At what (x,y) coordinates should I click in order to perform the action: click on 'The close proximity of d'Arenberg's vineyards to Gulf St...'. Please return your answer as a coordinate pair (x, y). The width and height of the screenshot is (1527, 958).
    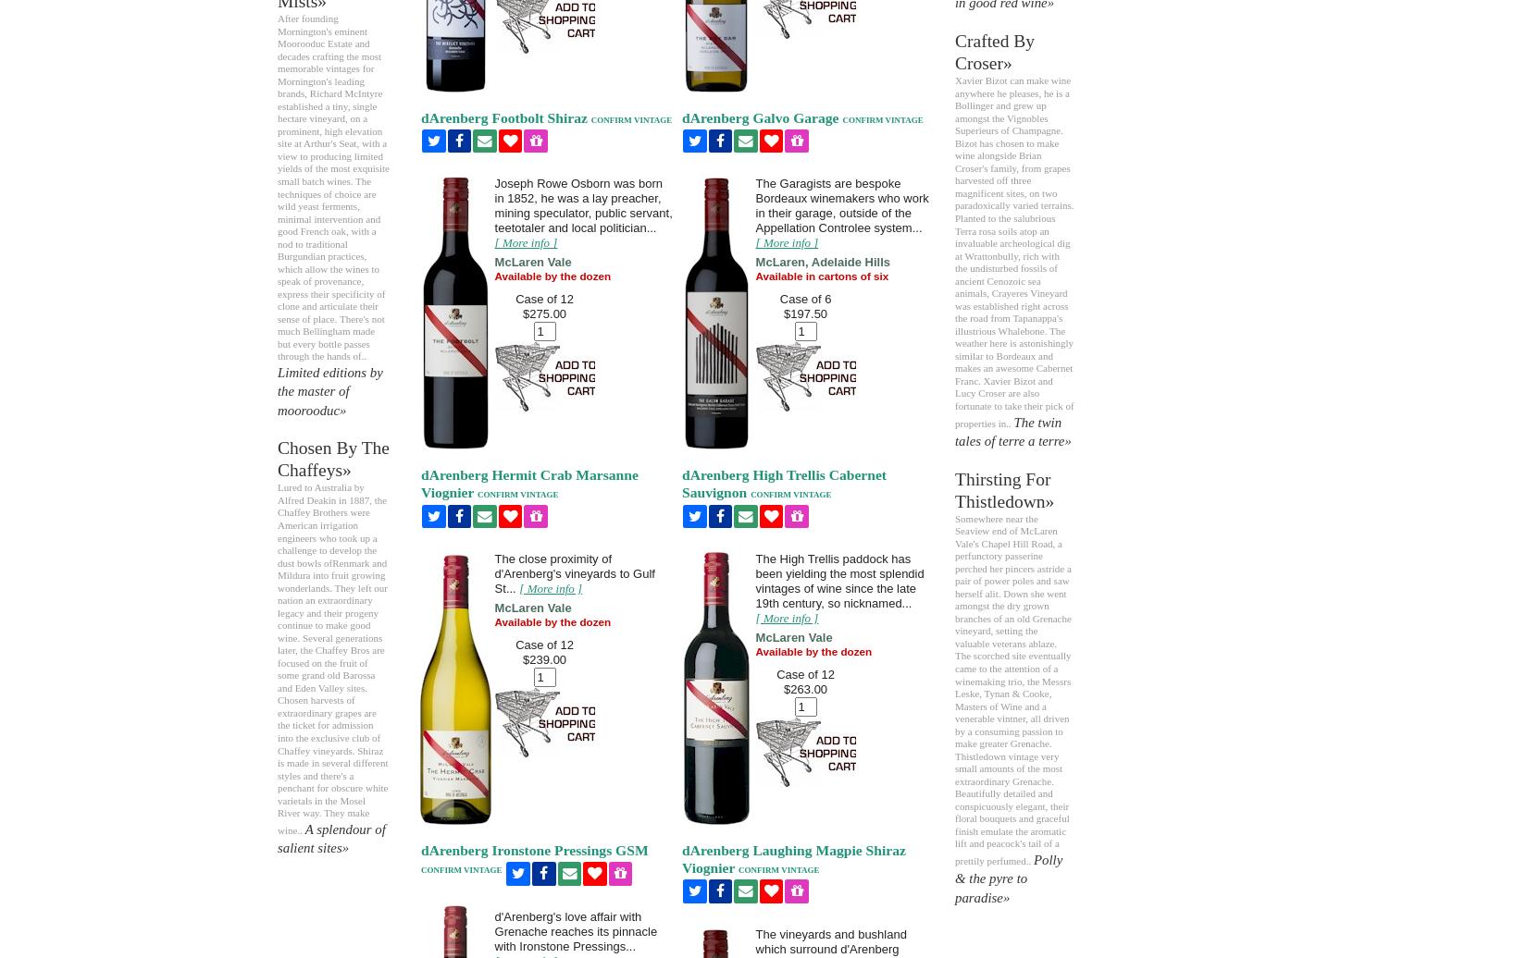
    Looking at the image, I should click on (573, 573).